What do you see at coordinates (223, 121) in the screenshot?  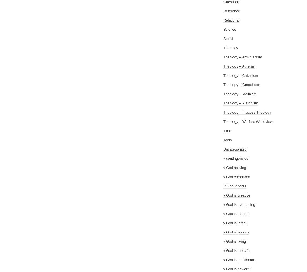 I see `'Theology – Warfare Worldview'` at bounding box center [223, 121].